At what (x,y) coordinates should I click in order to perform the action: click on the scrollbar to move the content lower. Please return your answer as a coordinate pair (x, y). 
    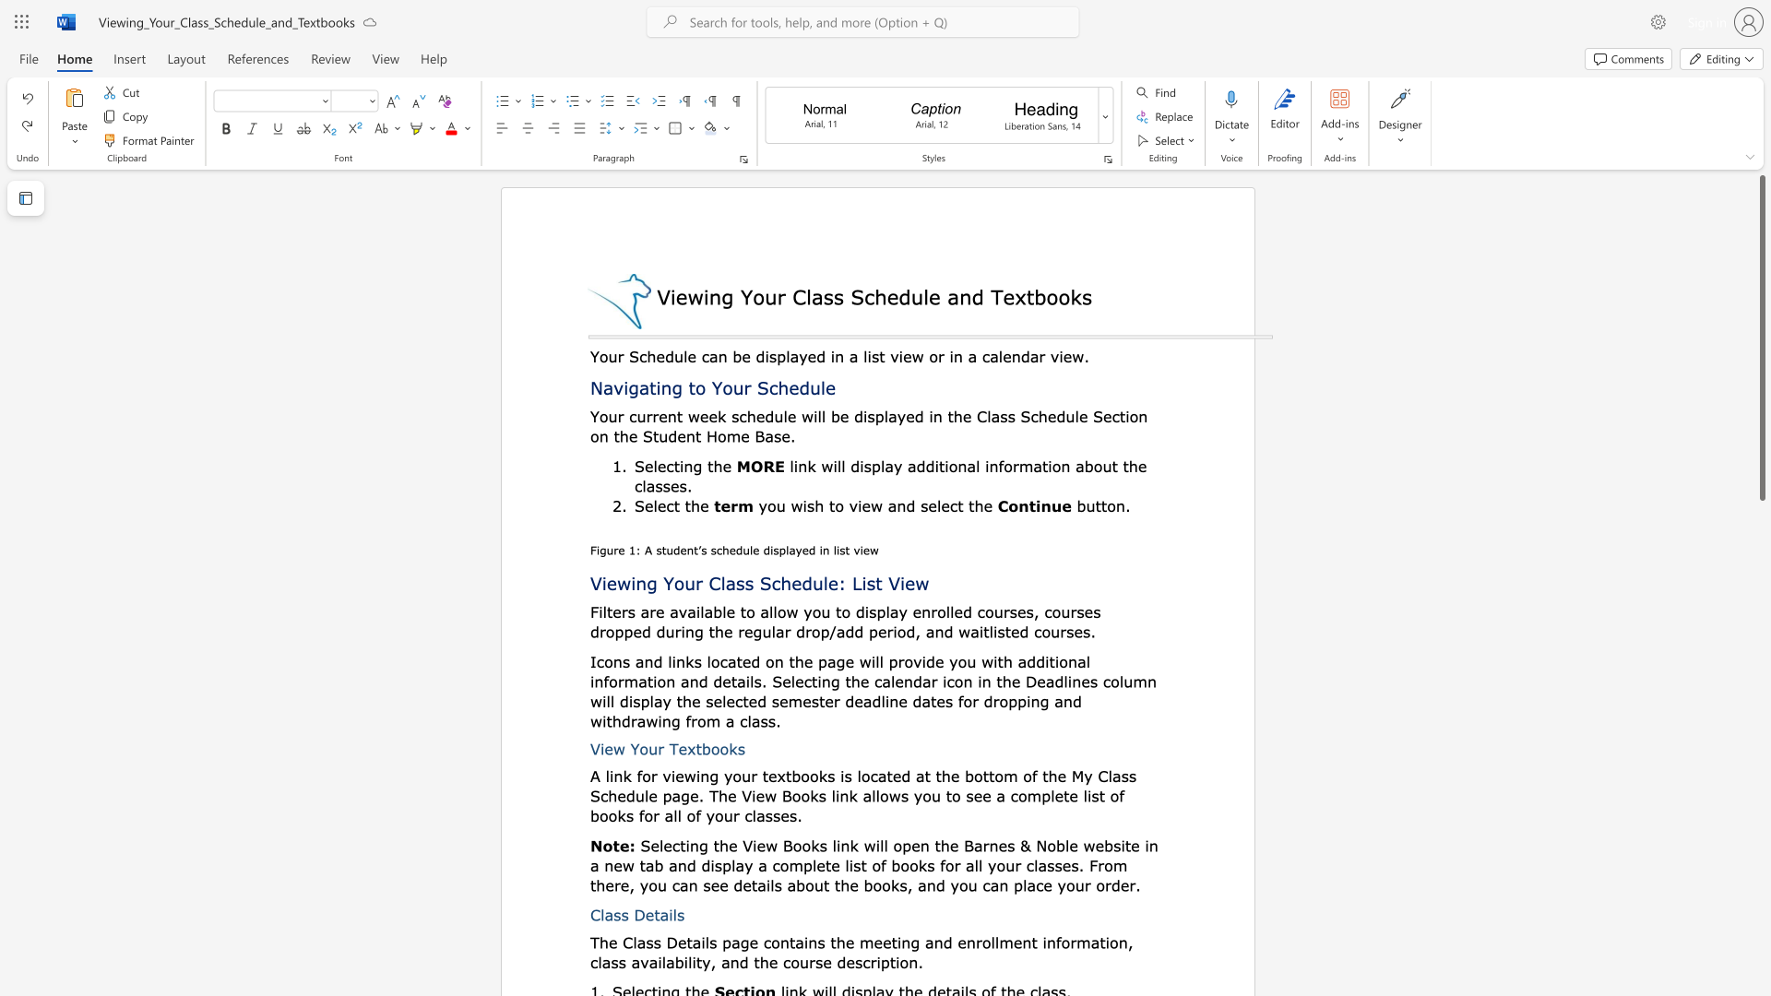
    Looking at the image, I should click on (1761, 775).